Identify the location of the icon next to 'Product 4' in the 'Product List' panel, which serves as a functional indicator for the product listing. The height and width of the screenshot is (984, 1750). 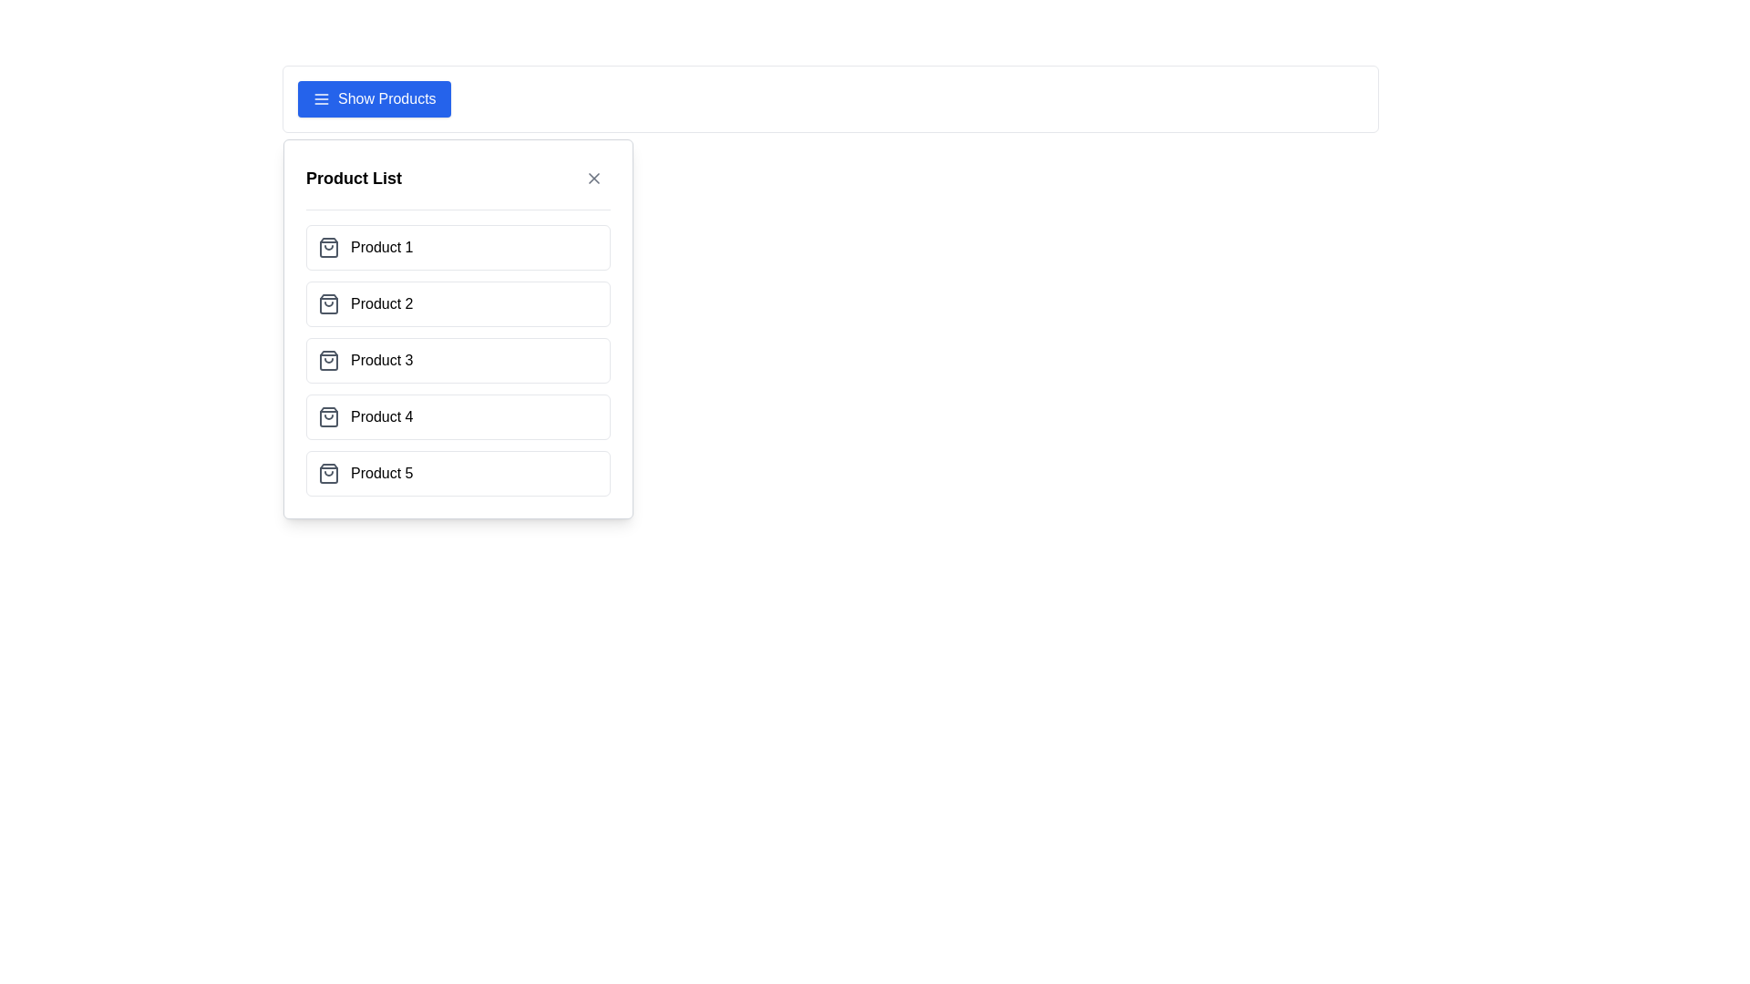
(328, 417).